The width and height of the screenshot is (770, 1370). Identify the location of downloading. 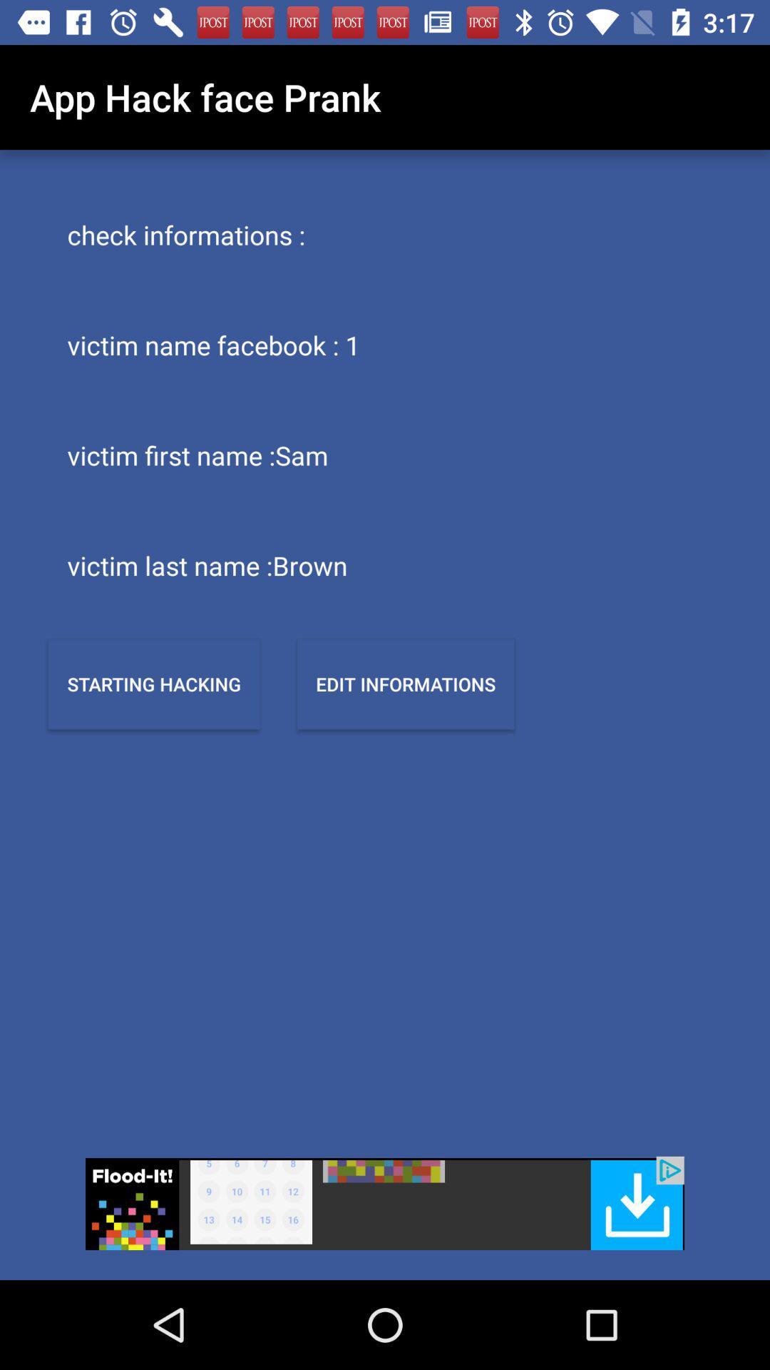
(385, 1202).